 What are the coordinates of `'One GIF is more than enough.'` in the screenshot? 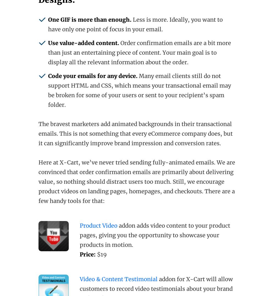 It's located at (89, 19).